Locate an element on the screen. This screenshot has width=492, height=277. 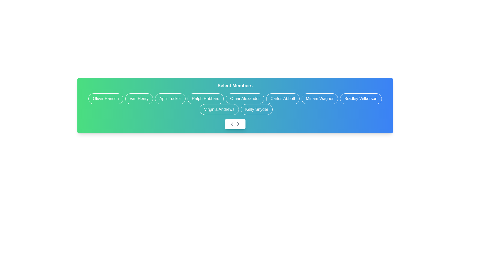
the selectable button labeled 'April Tucker', which is the third button in a horizontal list of buttons positioned near the center-top of the interface is located at coordinates (170, 99).